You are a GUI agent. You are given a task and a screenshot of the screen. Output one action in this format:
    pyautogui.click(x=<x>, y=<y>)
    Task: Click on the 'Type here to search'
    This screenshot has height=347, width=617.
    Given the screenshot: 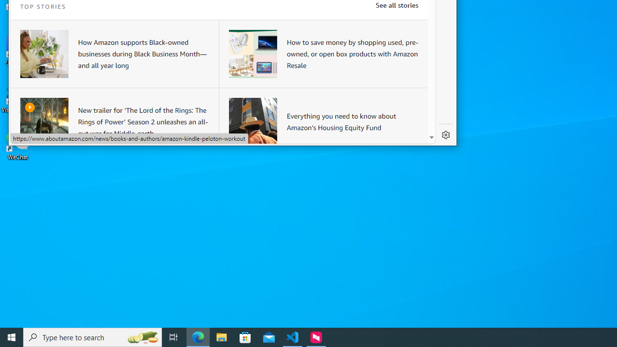 What is the action you would take?
    pyautogui.click(x=93, y=336)
    